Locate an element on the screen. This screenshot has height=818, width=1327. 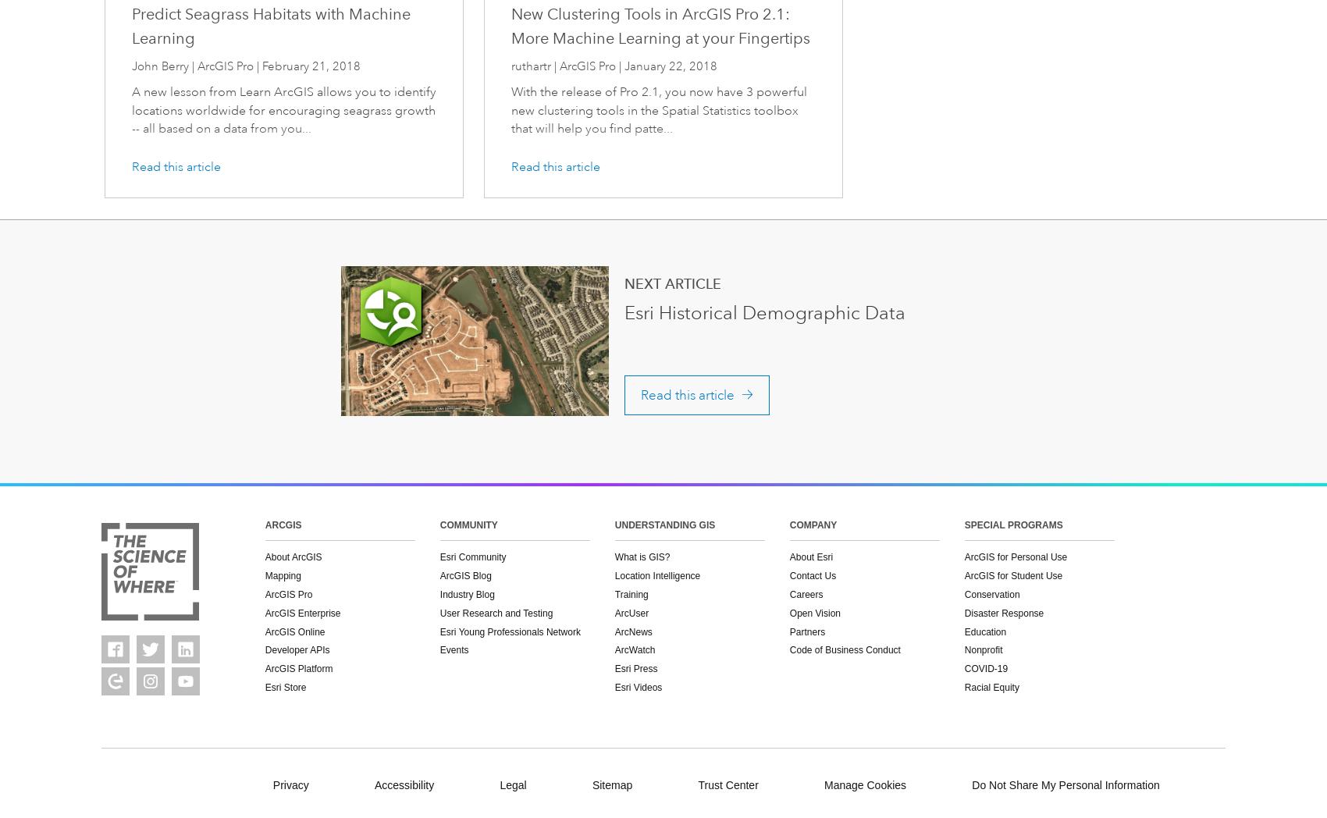
'Location Intelligence' is located at coordinates (613, 575).